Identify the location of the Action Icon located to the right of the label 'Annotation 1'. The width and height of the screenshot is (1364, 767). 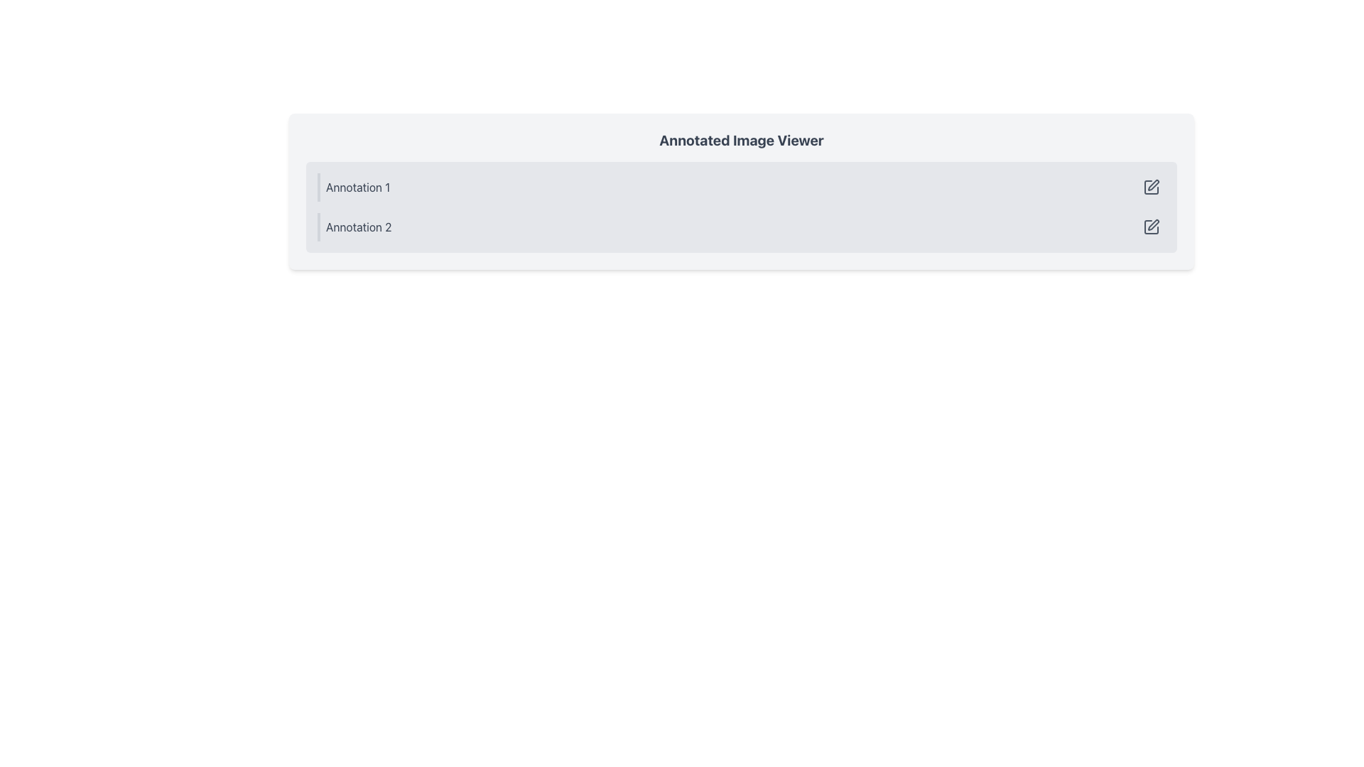
(1152, 186).